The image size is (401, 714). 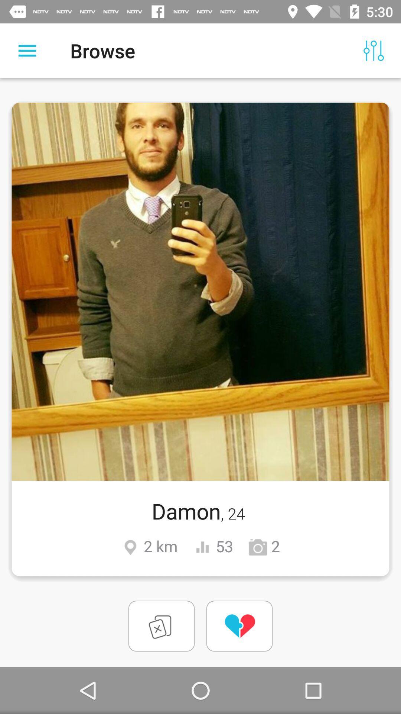 What do you see at coordinates (27, 50) in the screenshot?
I see `icon next to the browse item` at bounding box center [27, 50].